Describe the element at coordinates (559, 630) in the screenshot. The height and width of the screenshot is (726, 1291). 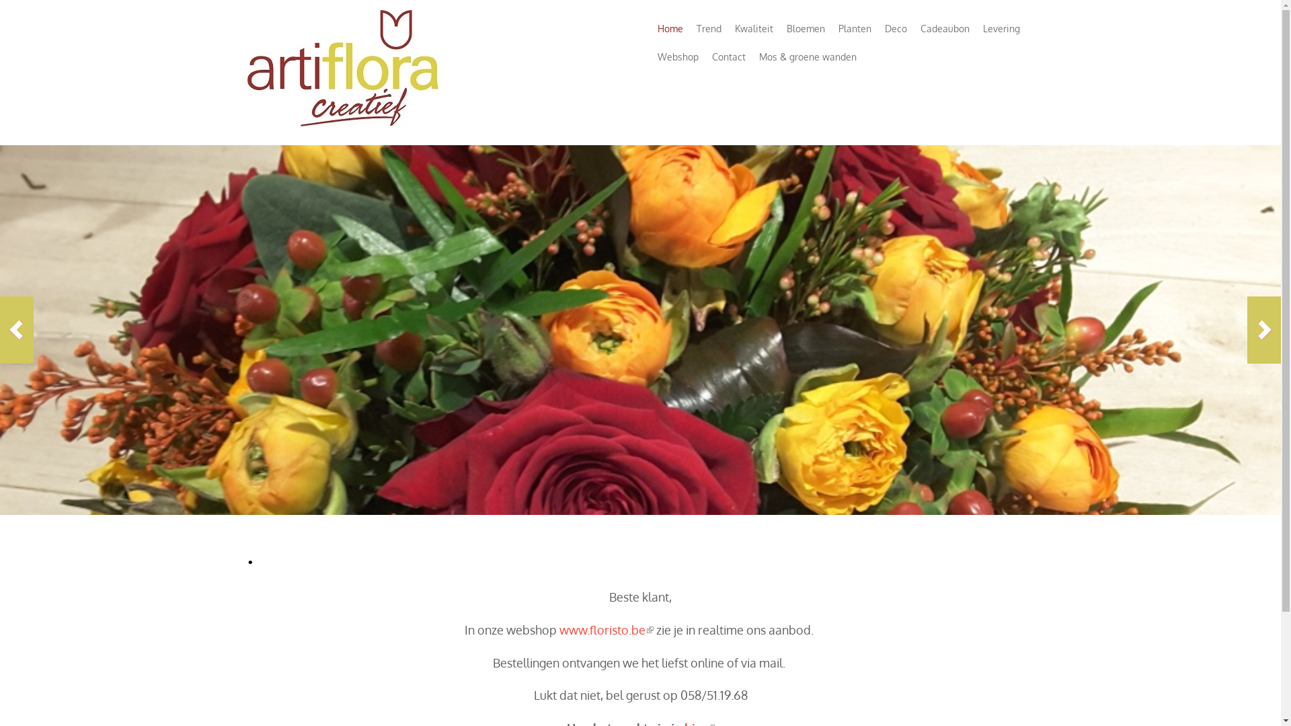
I see `'www.floristo.be'` at that location.